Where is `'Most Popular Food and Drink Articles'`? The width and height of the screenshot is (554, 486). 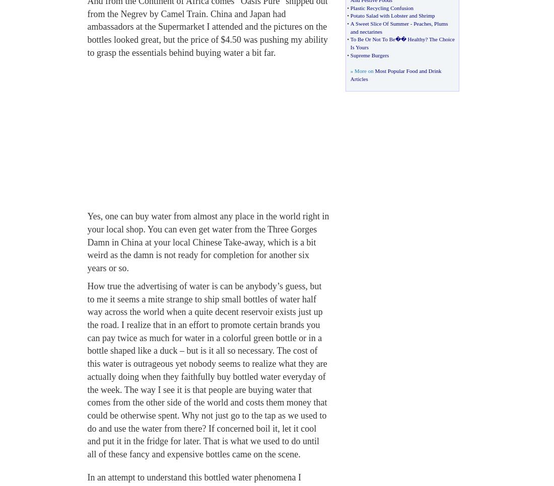 'Most Popular Food and Drink Articles' is located at coordinates (395, 74).